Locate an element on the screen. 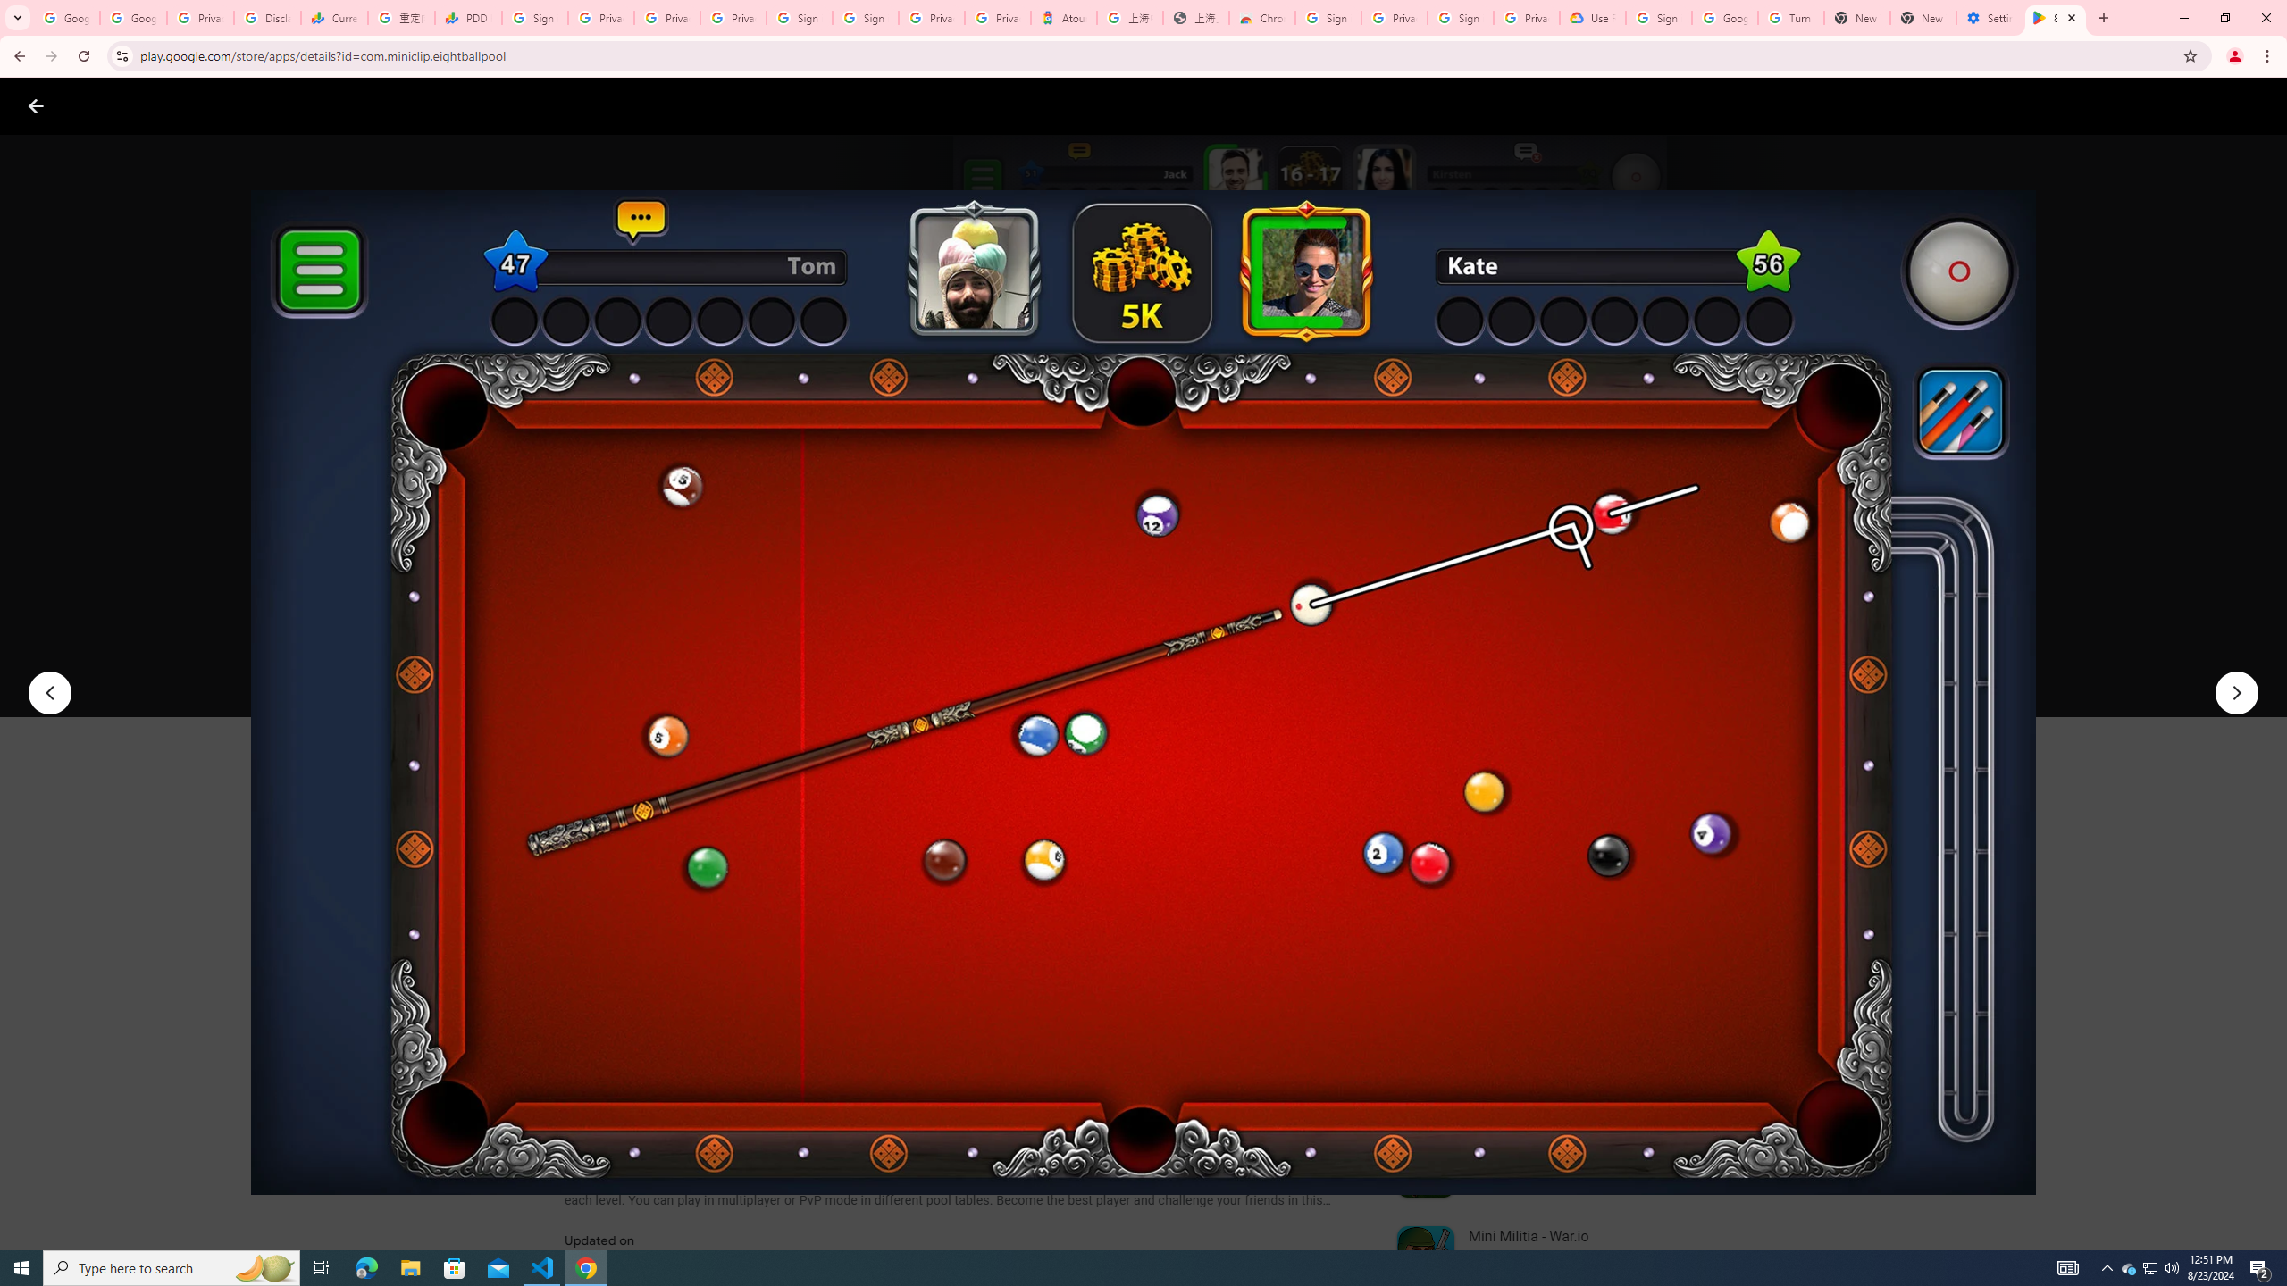  'Google Workspace Admin Community' is located at coordinates (65, 17).